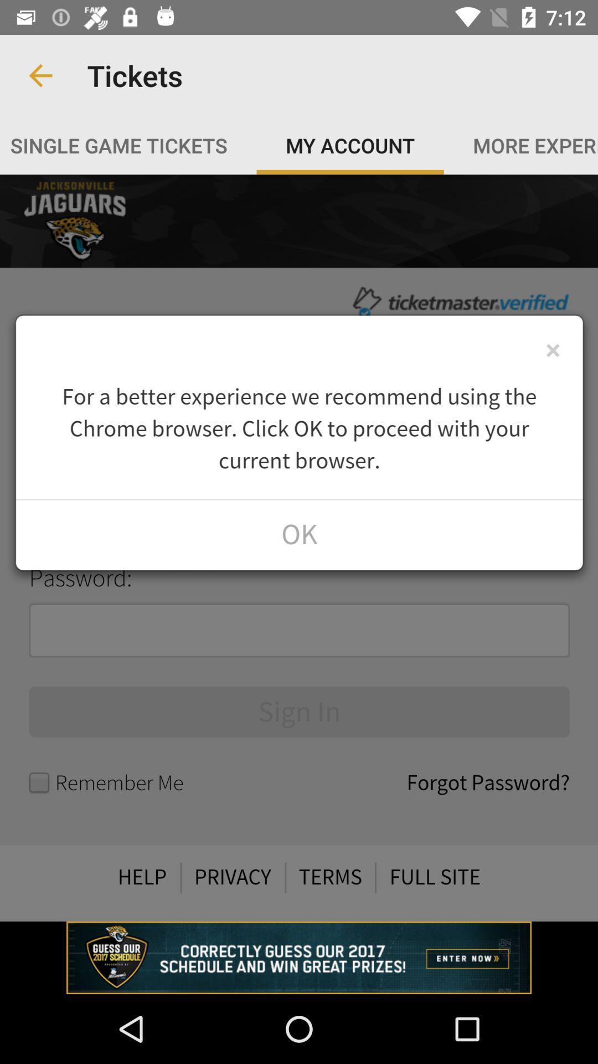  What do you see at coordinates (299, 957) in the screenshot?
I see `opens a advertisement` at bounding box center [299, 957].